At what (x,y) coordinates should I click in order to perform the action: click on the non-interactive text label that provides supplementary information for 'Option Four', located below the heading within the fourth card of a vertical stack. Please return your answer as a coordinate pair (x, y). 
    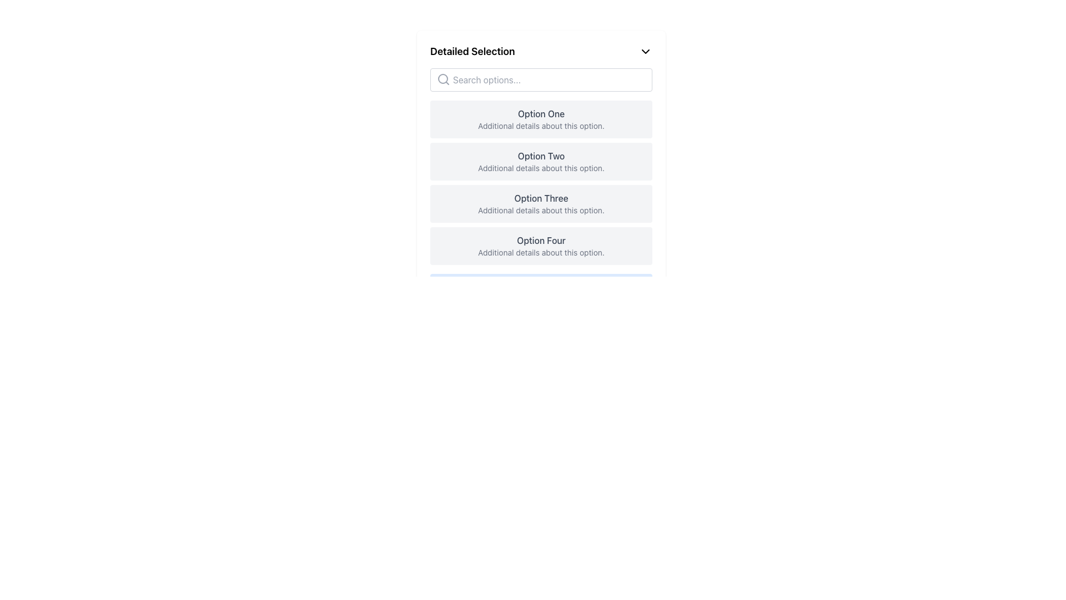
    Looking at the image, I should click on (541, 253).